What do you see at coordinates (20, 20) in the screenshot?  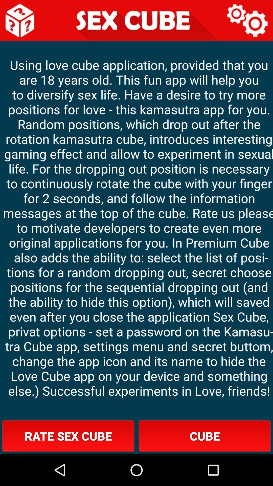 I see `main page` at bounding box center [20, 20].